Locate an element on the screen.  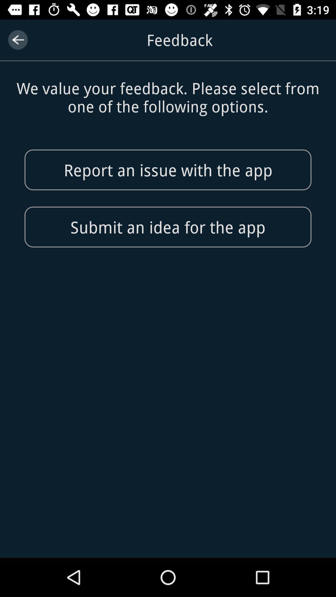
the arrow_backward icon is located at coordinates (17, 39).